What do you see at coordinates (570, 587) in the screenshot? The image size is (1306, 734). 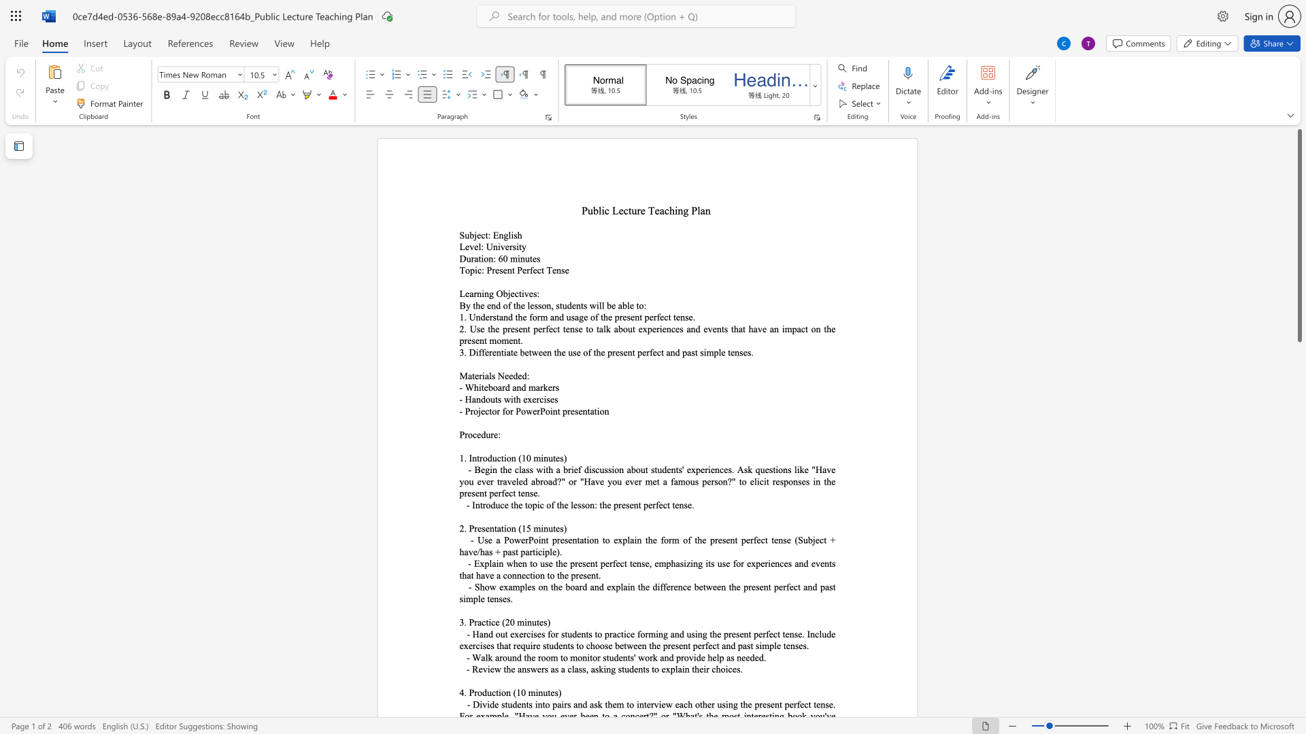 I see `the space between the continuous character "b" and "o" in the text` at bounding box center [570, 587].